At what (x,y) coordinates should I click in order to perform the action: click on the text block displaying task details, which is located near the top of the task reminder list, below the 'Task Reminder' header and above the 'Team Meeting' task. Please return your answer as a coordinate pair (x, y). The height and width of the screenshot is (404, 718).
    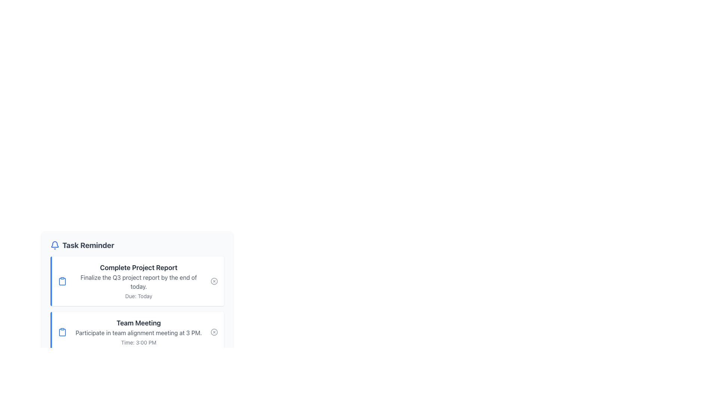
    Looking at the image, I should click on (138, 281).